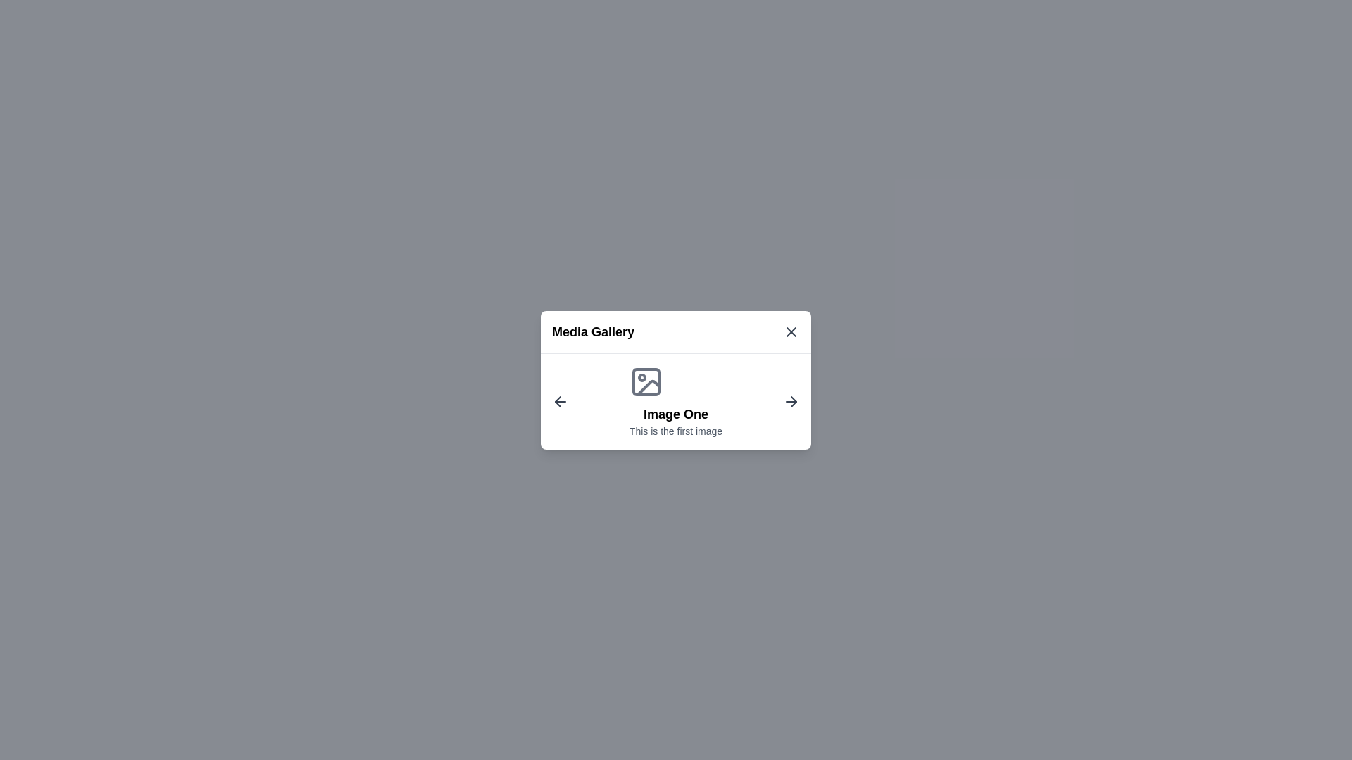 The width and height of the screenshot is (1352, 760). Describe the element at coordinates (560, 401) in the screenshot. I see `the left arrow button located on the left side of the 'Media Gallery' modal` at that location.